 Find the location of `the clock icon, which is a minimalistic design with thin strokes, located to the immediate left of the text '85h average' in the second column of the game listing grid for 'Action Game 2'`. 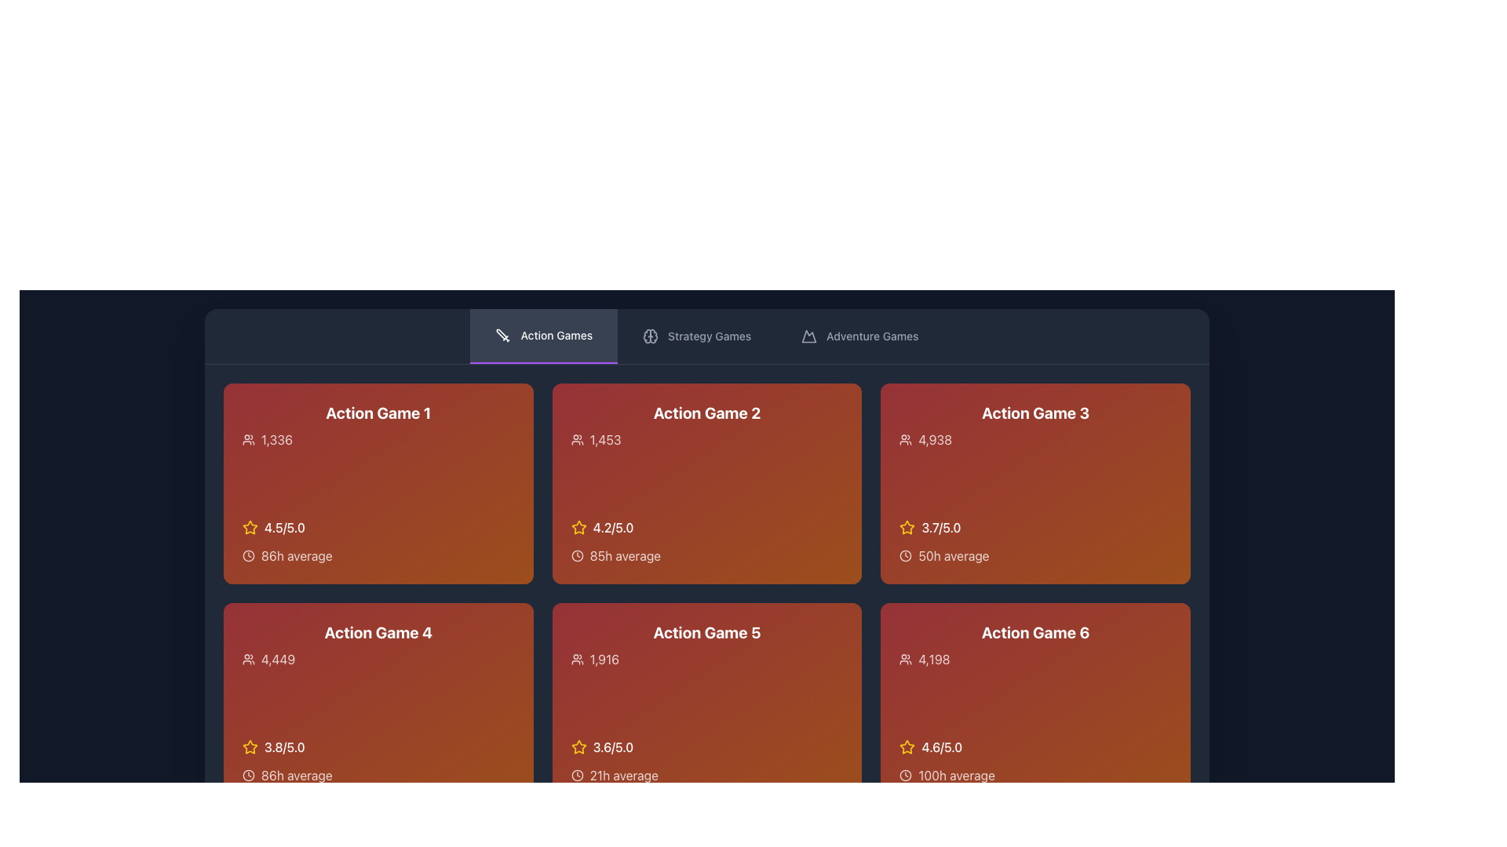

the clock icon, which is a minimalistic design with thin strokes, located to the immediate left of the text '85h average' in the second column of the game listing grid for 'Action Game 2' is located at coordinates (576, 555).